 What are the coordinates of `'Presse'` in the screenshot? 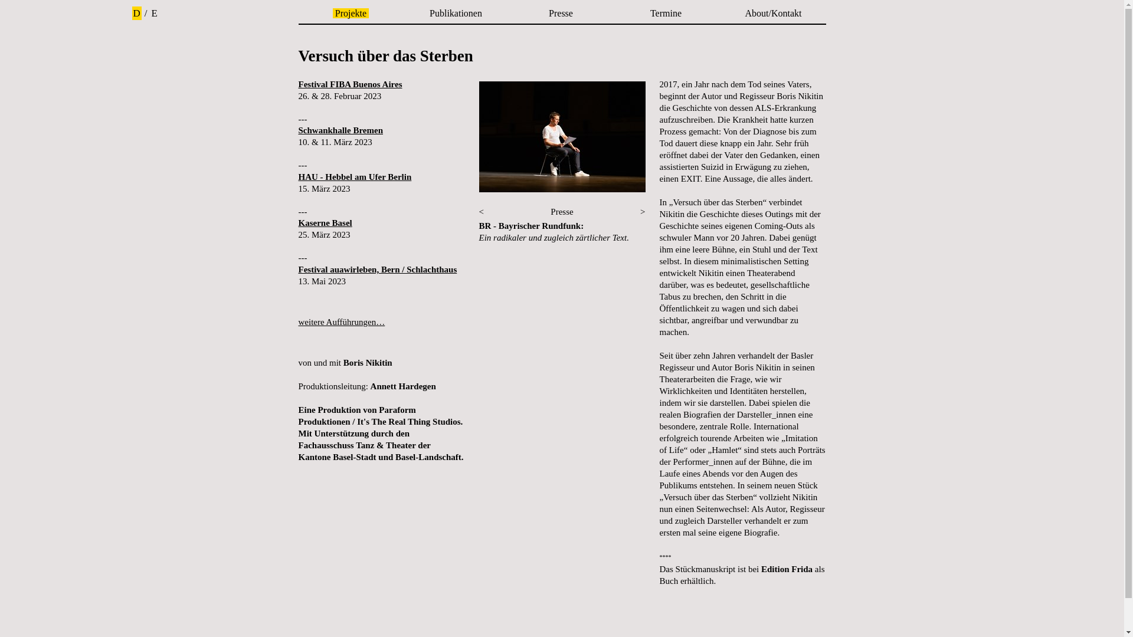 It's located at (560, 13).